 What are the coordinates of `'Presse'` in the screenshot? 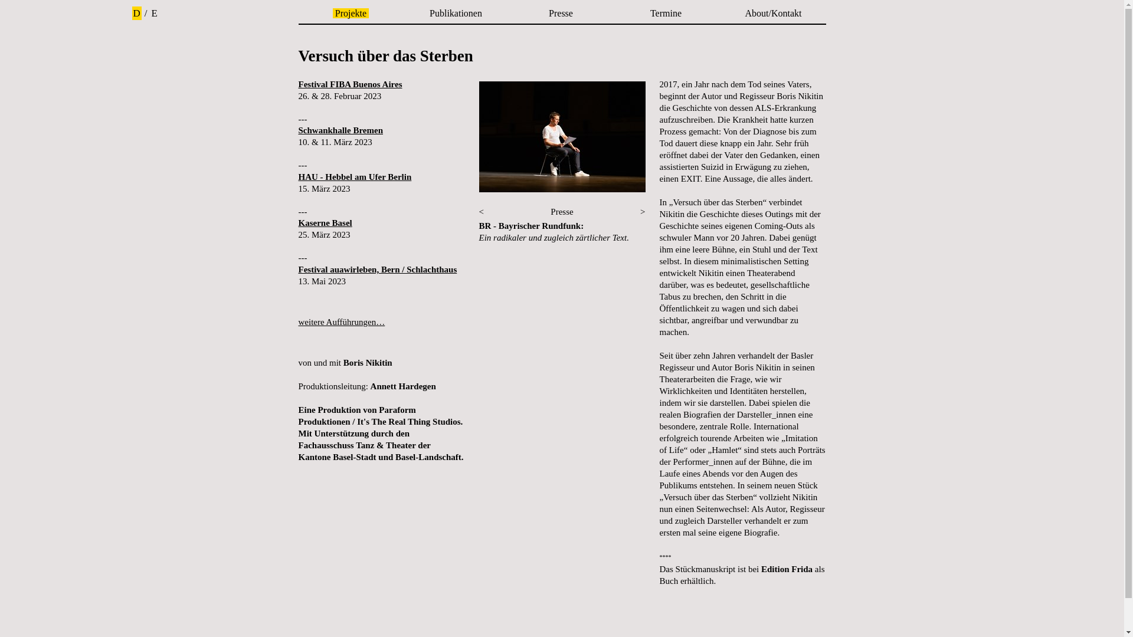 It's located at (560, 13).